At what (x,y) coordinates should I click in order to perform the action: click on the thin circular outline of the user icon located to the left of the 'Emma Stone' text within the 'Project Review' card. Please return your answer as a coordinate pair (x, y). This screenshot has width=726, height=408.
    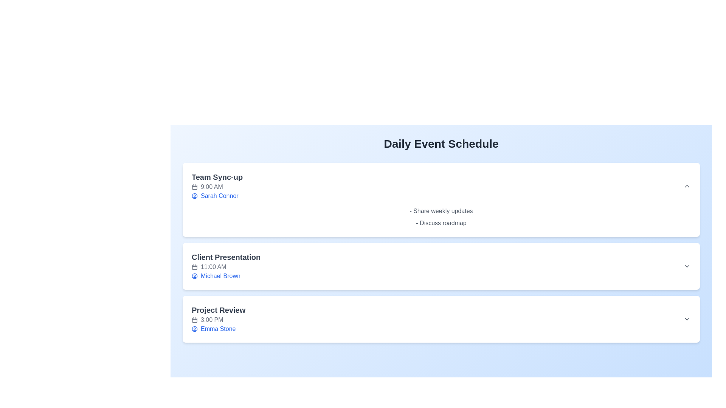
    Looking at the image, I should click on (194, 329).